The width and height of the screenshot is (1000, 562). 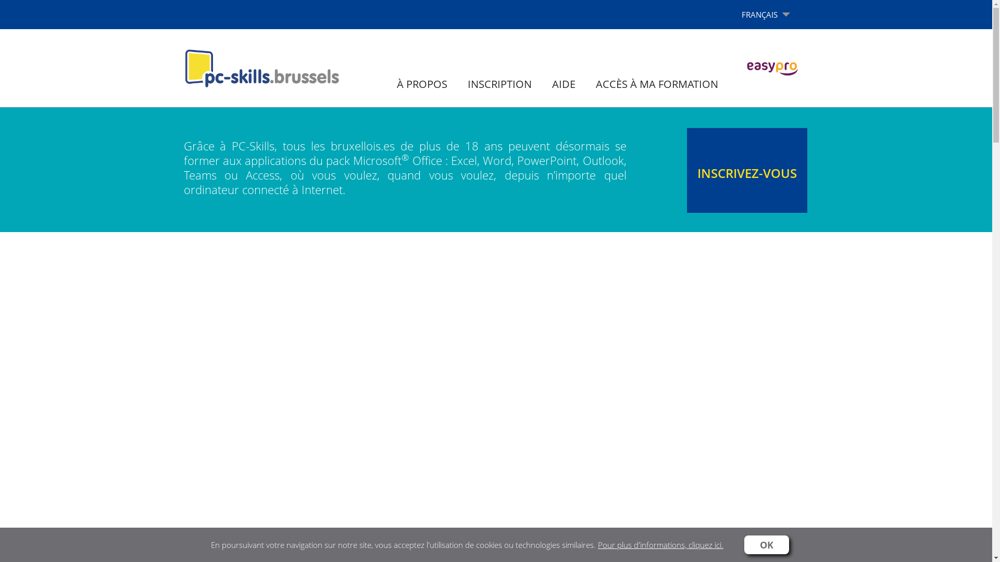 I want to click on 'INSCRIPTION', so click(x=498, y=84).